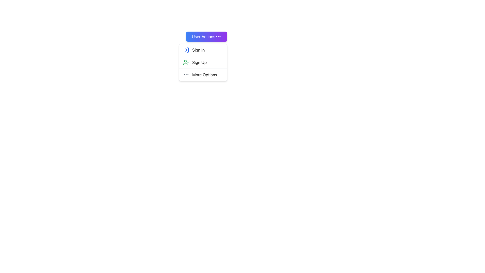  Describe the element at coordinates (186, 50) in the screenshot. I see `the blue rightward arrow icon styled to resemble a login function, located to the left of the 'Sign In' text in the dropdown menu under 'User Actions'` at that location.